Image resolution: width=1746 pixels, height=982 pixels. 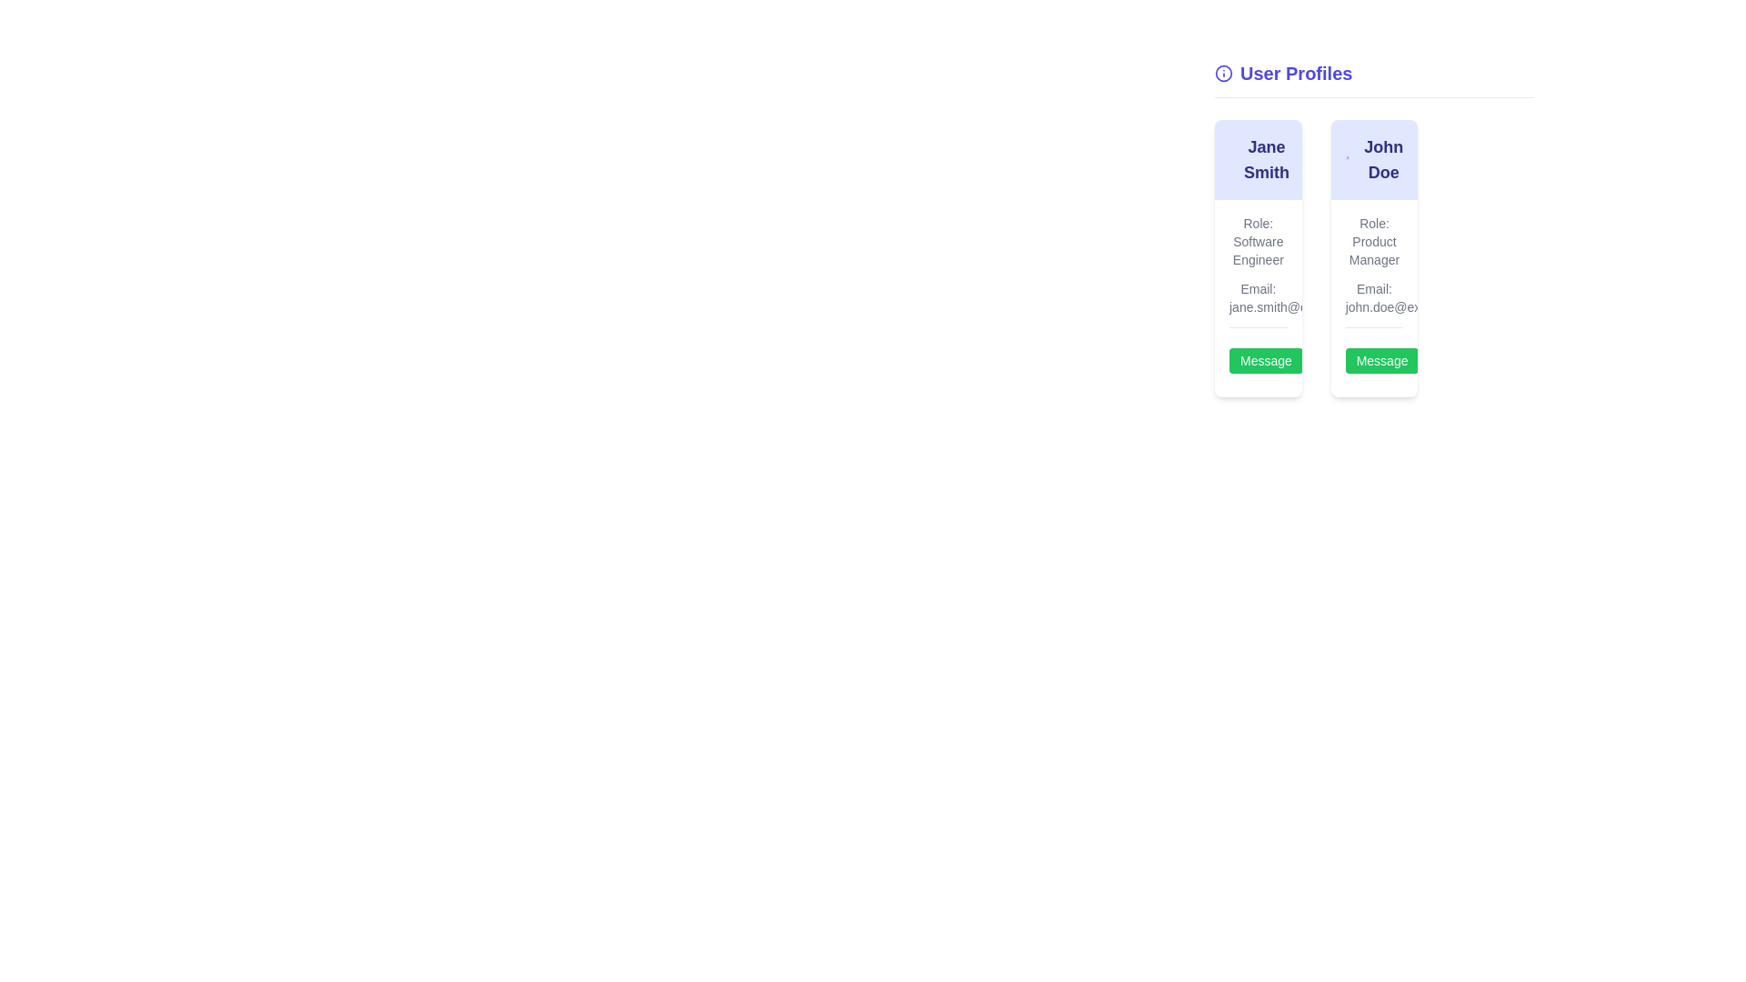 I want to click on the text display element showing the user's email address, located in the middle section of the user information card, beneath 'Role: Software Engineer', so click(x=1257, y=296).